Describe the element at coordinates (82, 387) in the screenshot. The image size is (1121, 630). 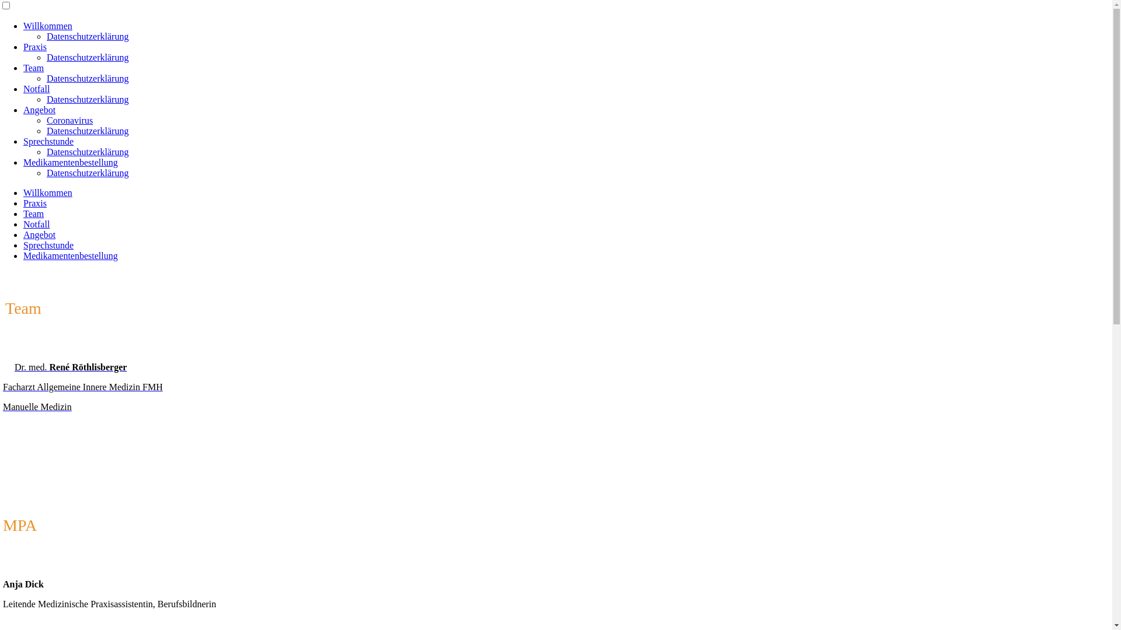
I see `'Facharzt Allgemeine Innere Medizin FMH'` at that location.